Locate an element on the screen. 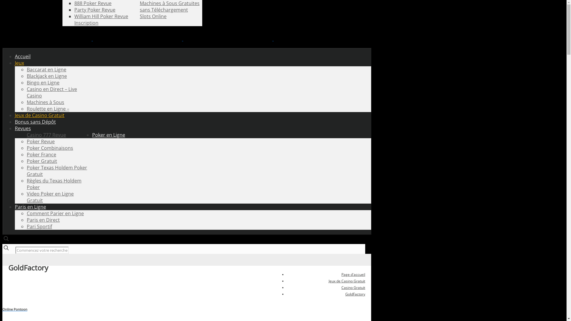  'Jeux de Casino Gratuit' is located at coordinates (39, 115).